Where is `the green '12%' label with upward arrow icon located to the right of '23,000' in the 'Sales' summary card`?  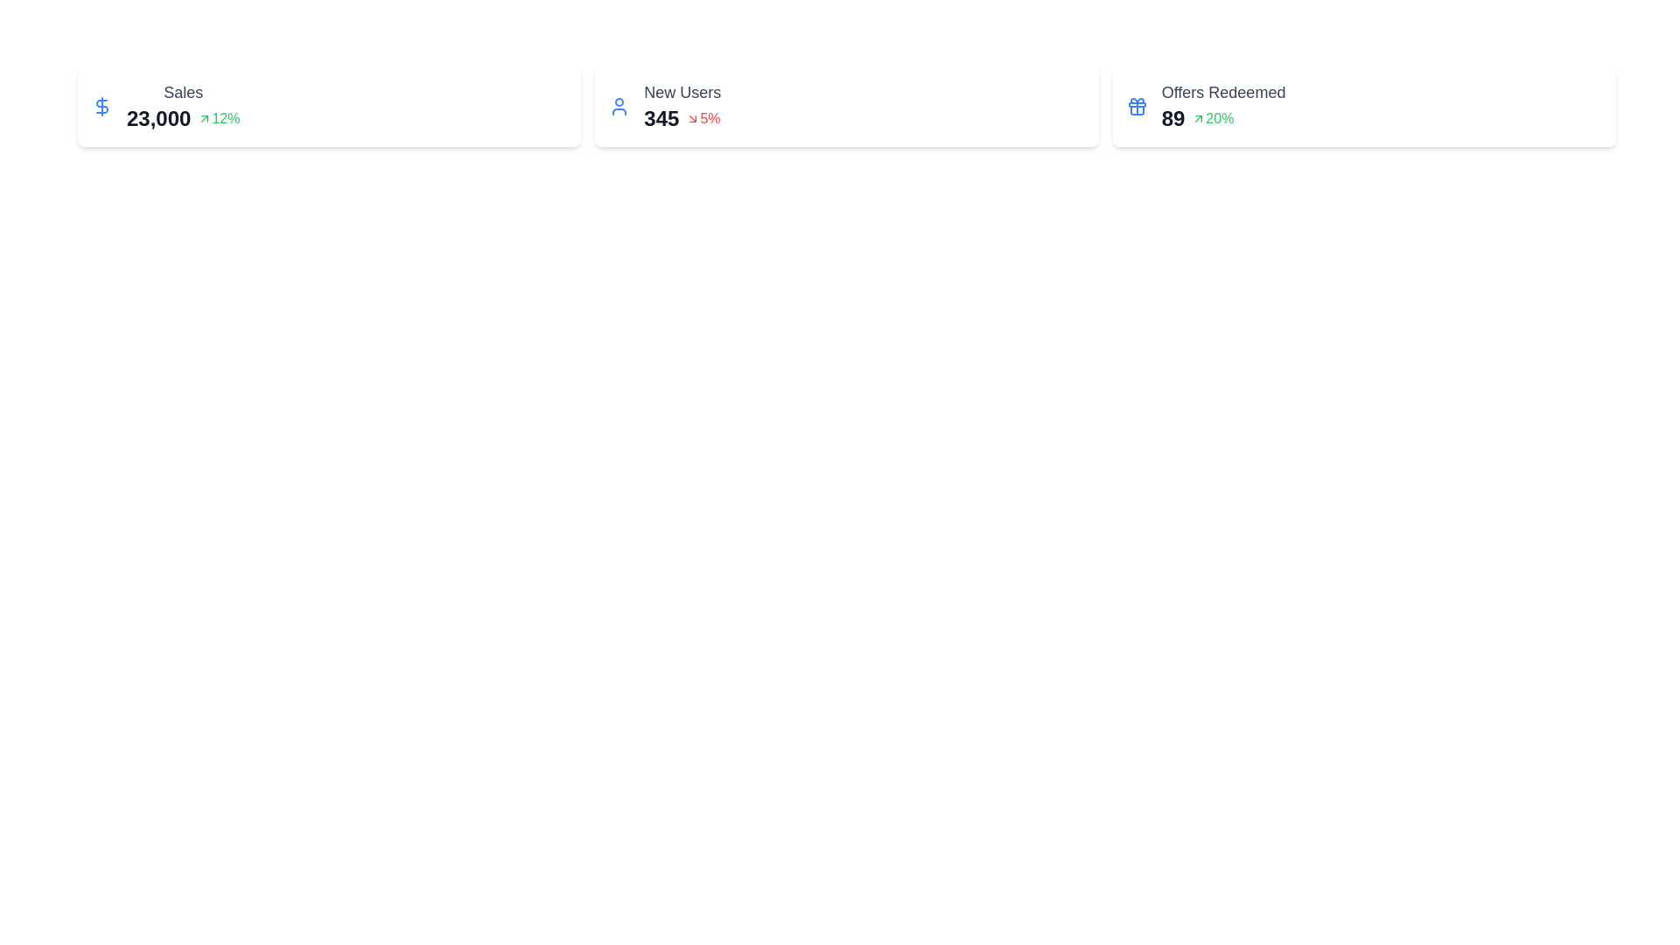
the green '12%' label with upward arrow icon located to the right of '23,000' in the 'Sales' summary card is located at coordinates (218, 118).